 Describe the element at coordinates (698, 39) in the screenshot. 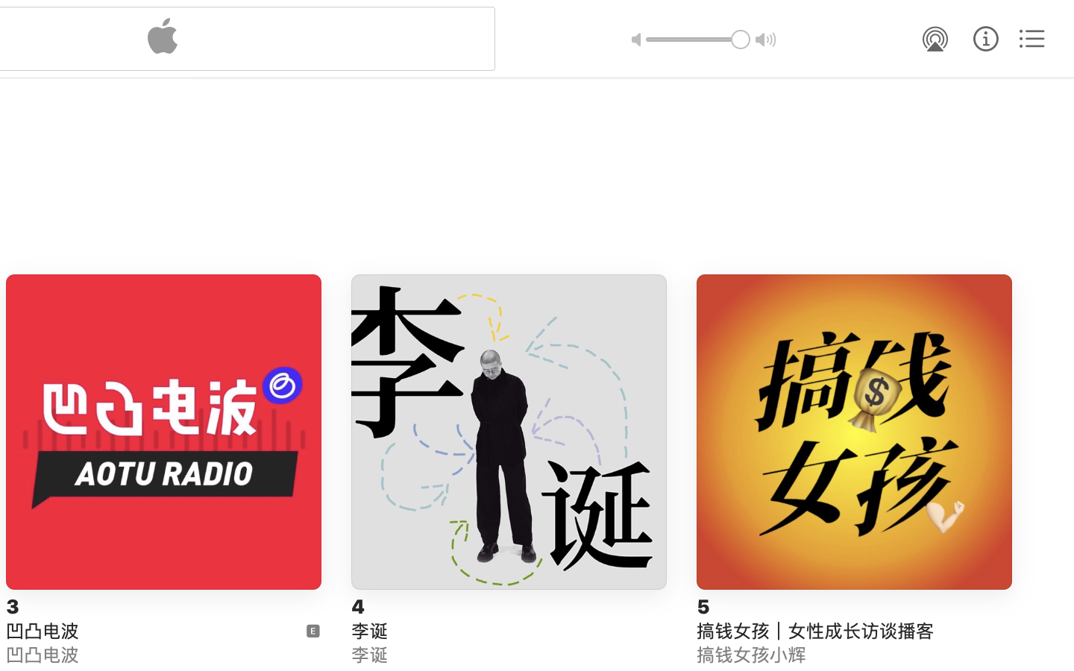

I see `'1.0'` at that location.